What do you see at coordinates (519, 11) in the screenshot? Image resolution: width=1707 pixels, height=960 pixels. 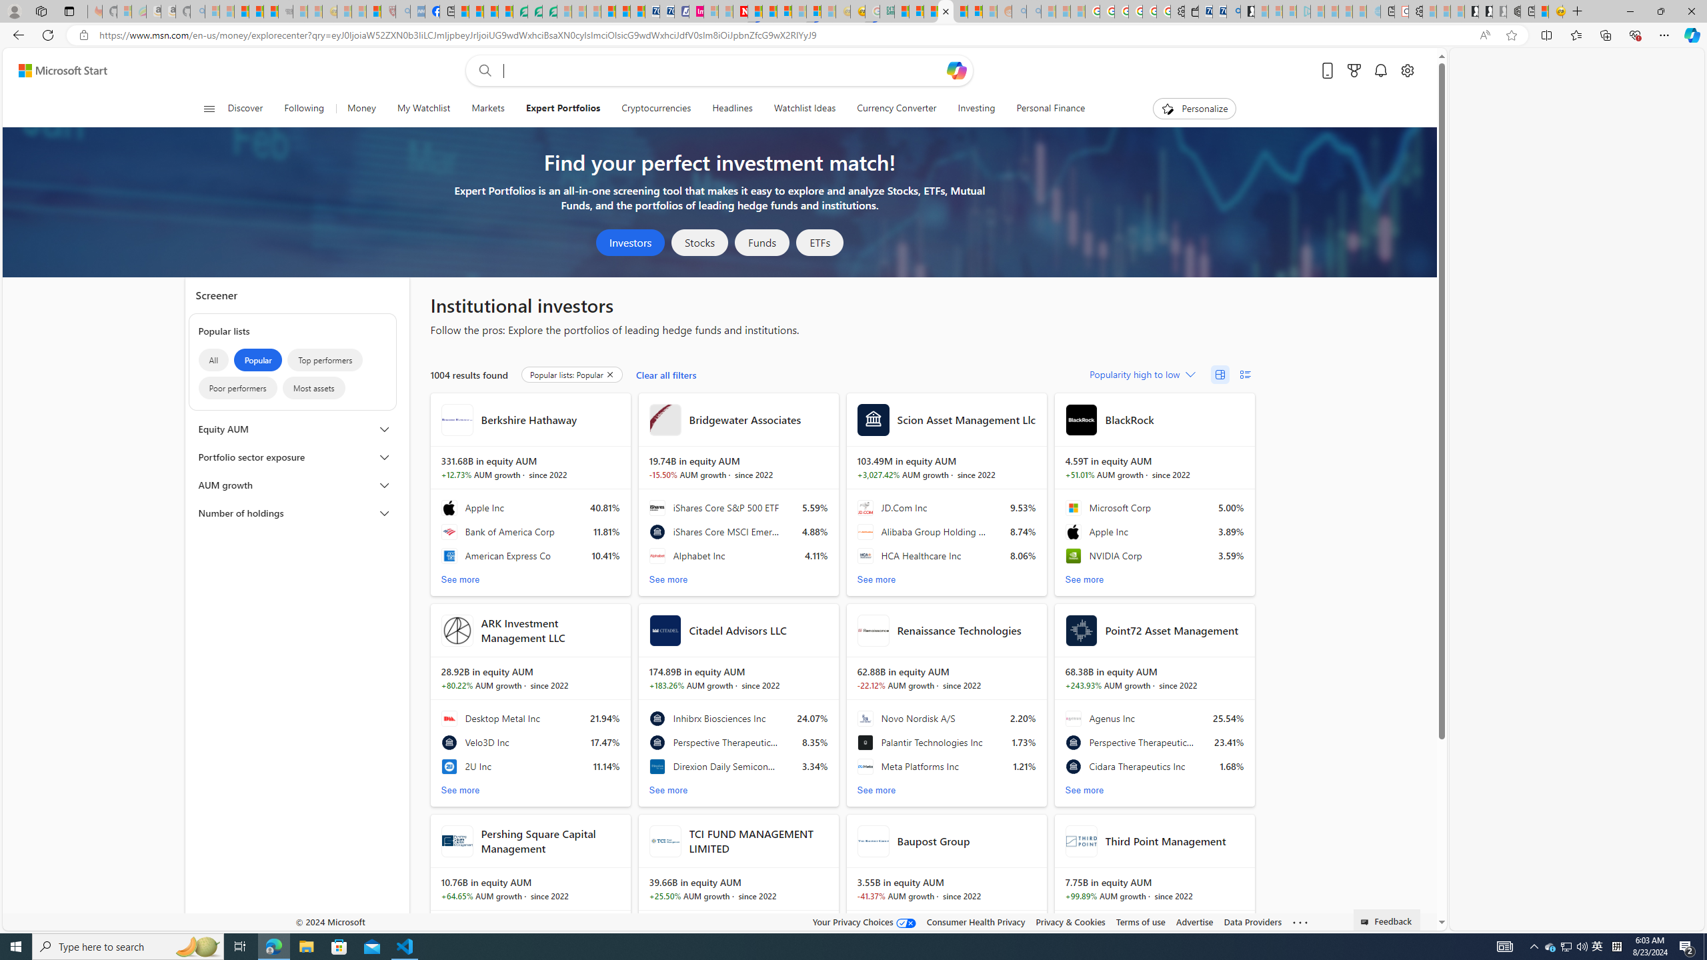 I see `'LendingTree - Compare Lenders'` at bounding box center [519, 11].